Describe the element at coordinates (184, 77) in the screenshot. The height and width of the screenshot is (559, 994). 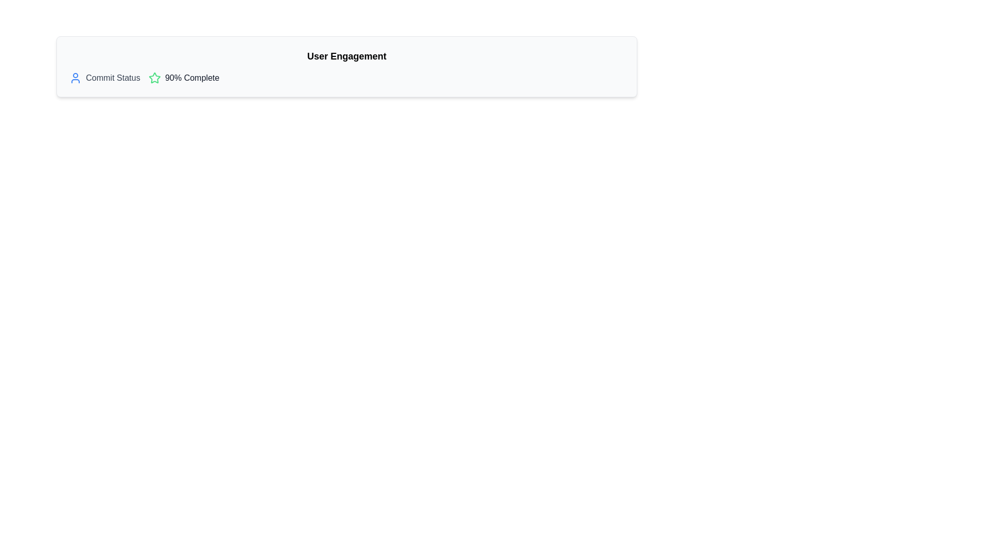
I see `the text '90% Complete' with the star icon, which is the second element located to the right of the 'Commit Status' label` at that location.